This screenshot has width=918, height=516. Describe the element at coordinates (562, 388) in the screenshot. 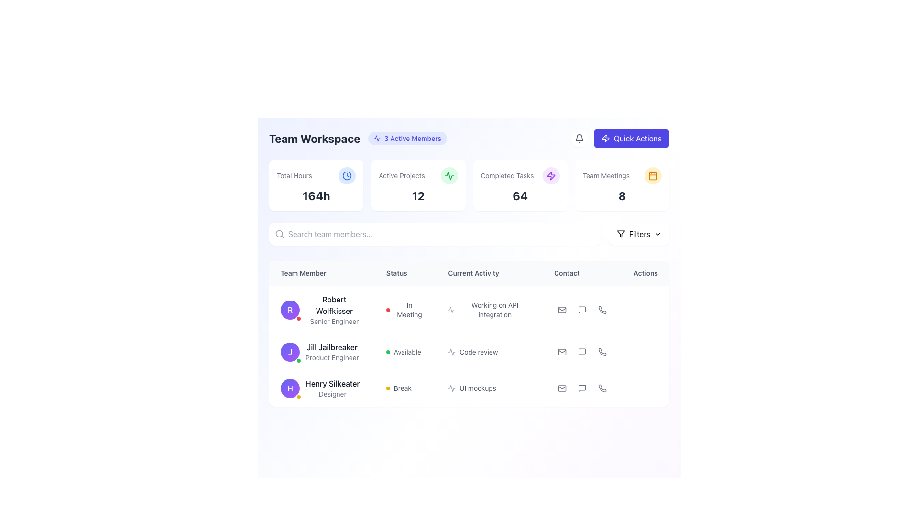

I see `the email button icon for Henry Silkeater, which is the first icon in the 'Contact' column of the third row in the table` at that location.